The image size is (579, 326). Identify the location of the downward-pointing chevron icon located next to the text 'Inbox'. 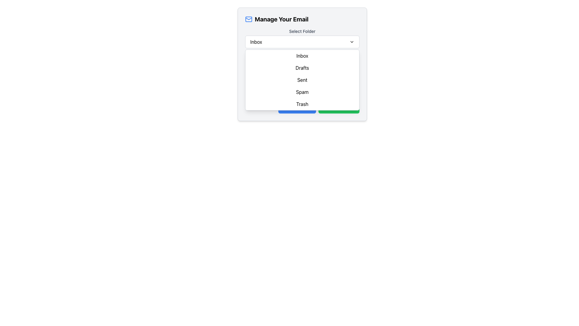
(352, 41).